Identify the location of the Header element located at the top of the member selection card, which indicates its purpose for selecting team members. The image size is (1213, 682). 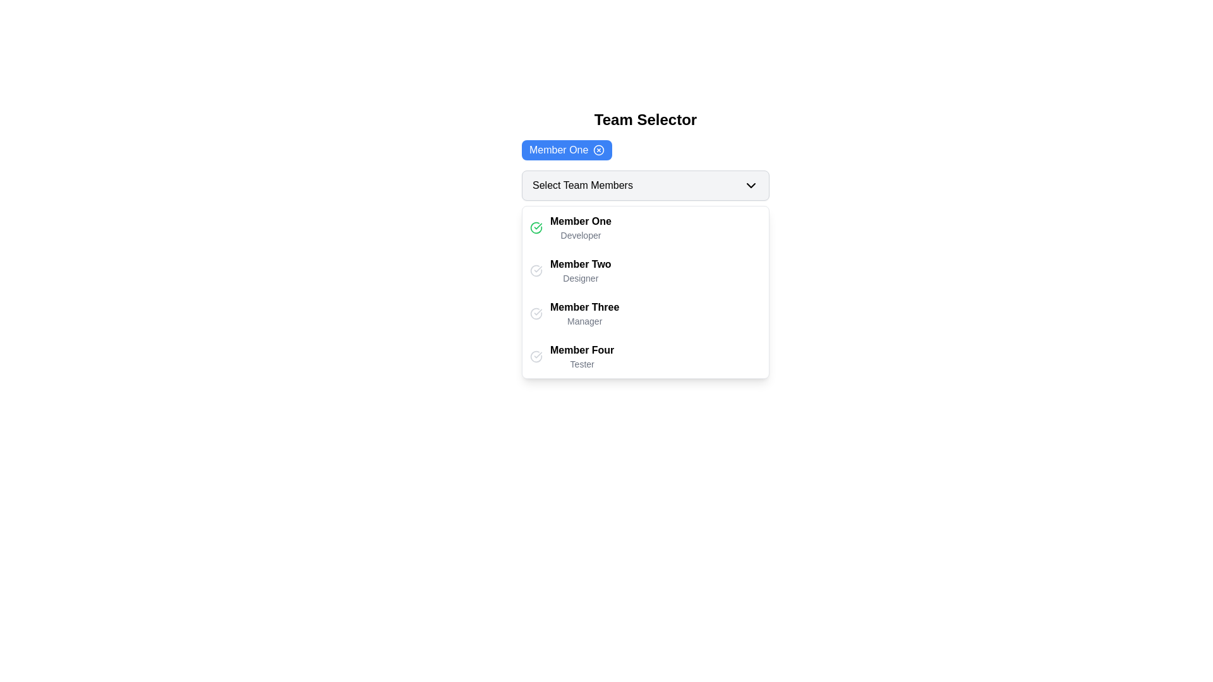
(646, 119).